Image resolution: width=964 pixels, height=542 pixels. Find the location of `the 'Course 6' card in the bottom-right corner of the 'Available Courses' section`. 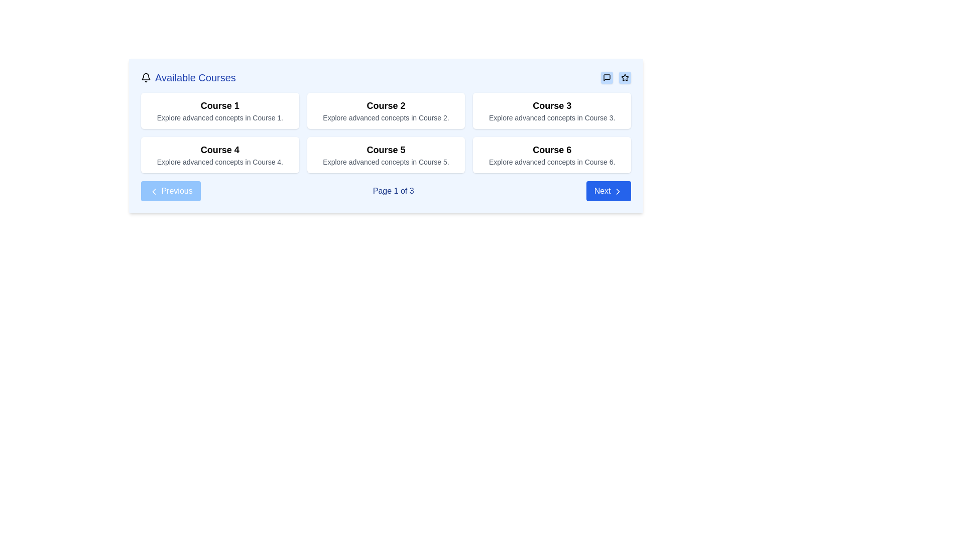

the 'Course 6' card in the bottom-right corner of the 'Available Courses' section is located at coordinates (551, 155).